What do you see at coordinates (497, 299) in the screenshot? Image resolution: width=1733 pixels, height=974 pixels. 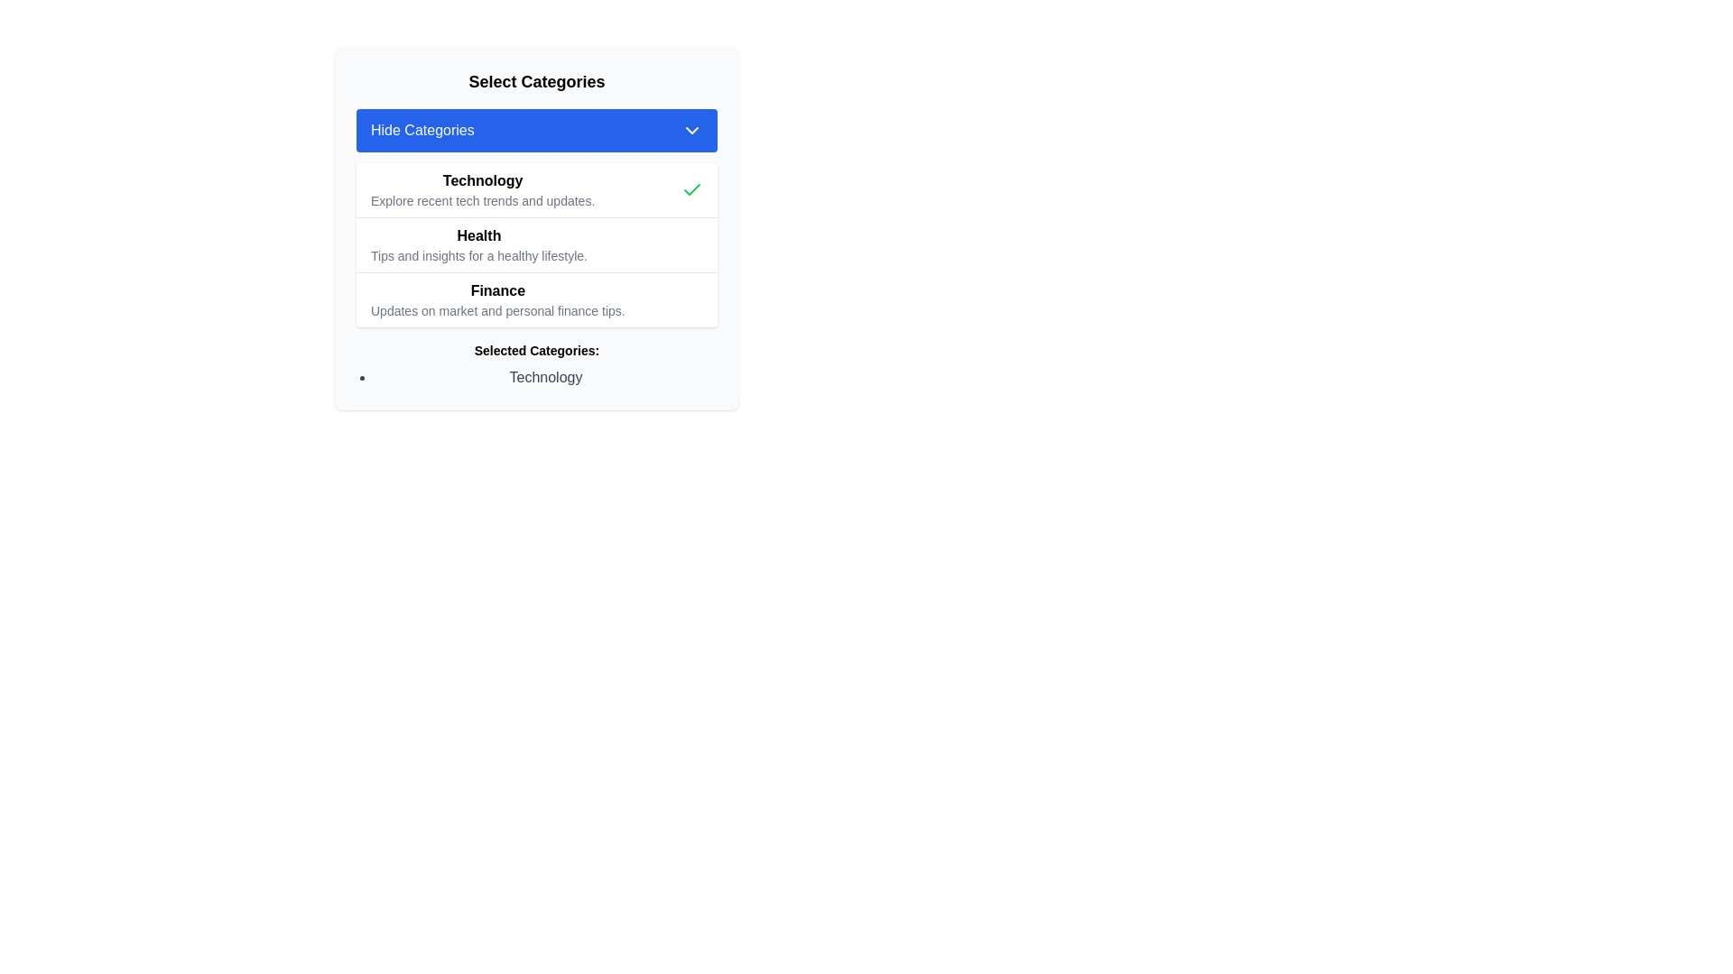 I see `the 'Finance' category description text block` at bounding box center [497, 299].